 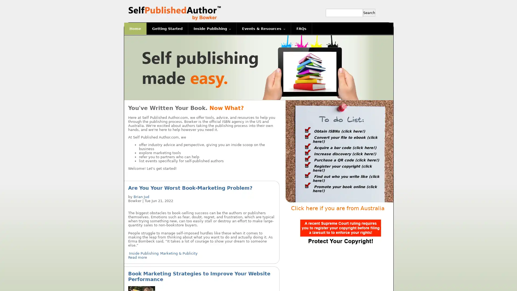 What do you see at coordinates (369, 12) in the screenshot?
I see `Search` at bounding box center [369, 12].